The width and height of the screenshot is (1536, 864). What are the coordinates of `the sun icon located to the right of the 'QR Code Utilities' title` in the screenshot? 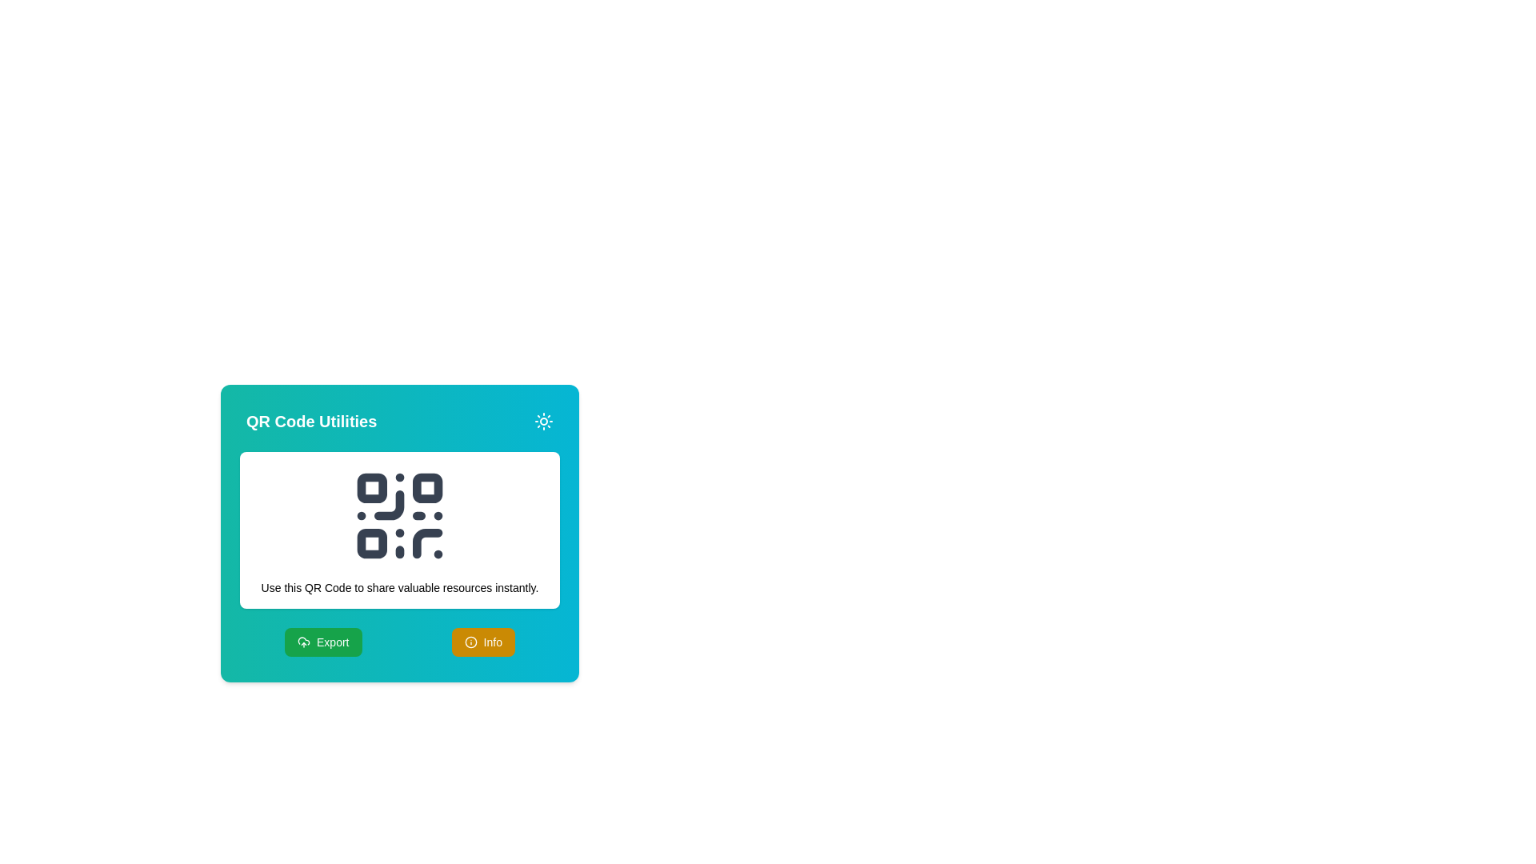 It's located at (544, 421).